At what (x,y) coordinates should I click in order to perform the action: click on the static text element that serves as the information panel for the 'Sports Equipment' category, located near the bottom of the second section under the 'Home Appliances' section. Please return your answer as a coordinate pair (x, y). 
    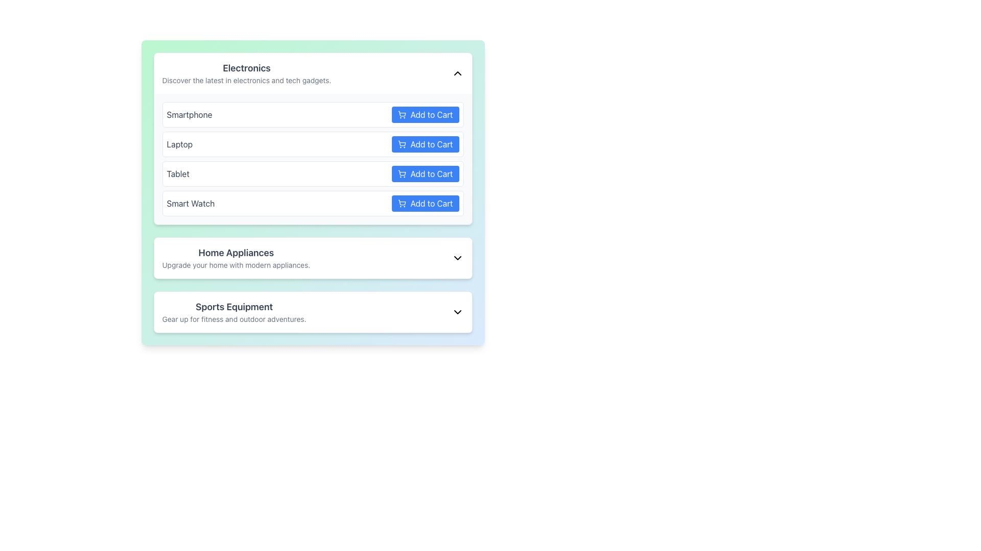
    Looking at the image, I should click on (233, 312).